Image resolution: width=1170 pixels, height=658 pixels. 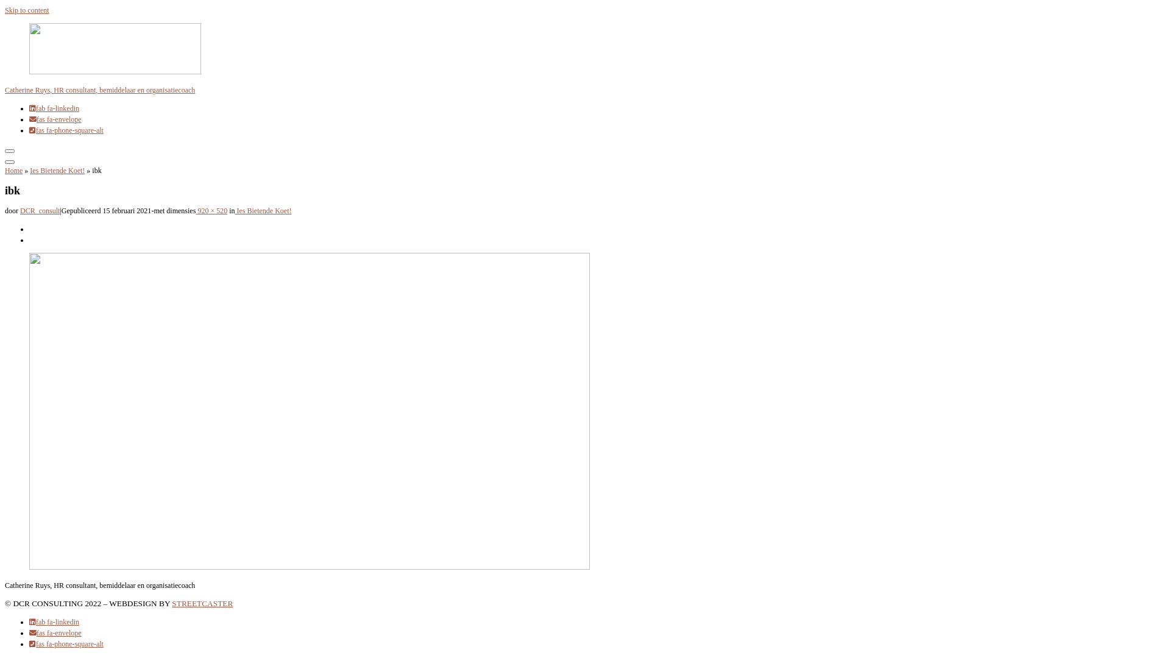 I want to click on 'Ies Bietende Koet!', so click(x=57, y=171).